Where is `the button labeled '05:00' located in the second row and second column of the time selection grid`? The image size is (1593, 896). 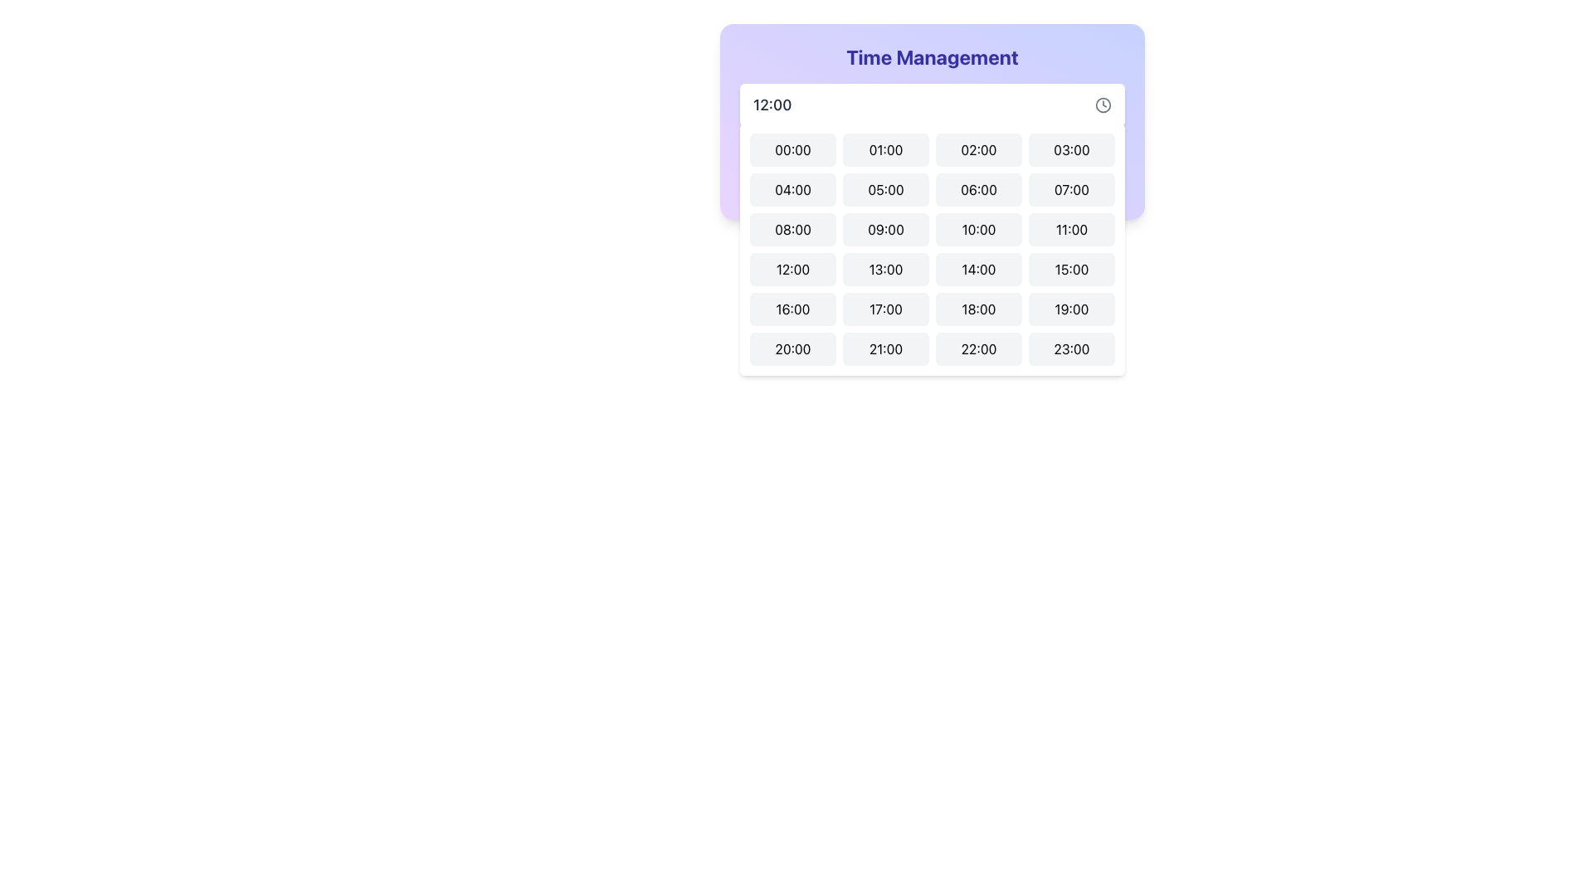 the button labeled '05:00' located in the second row and second column of the time selection grid is located at coordinates (885, 188).